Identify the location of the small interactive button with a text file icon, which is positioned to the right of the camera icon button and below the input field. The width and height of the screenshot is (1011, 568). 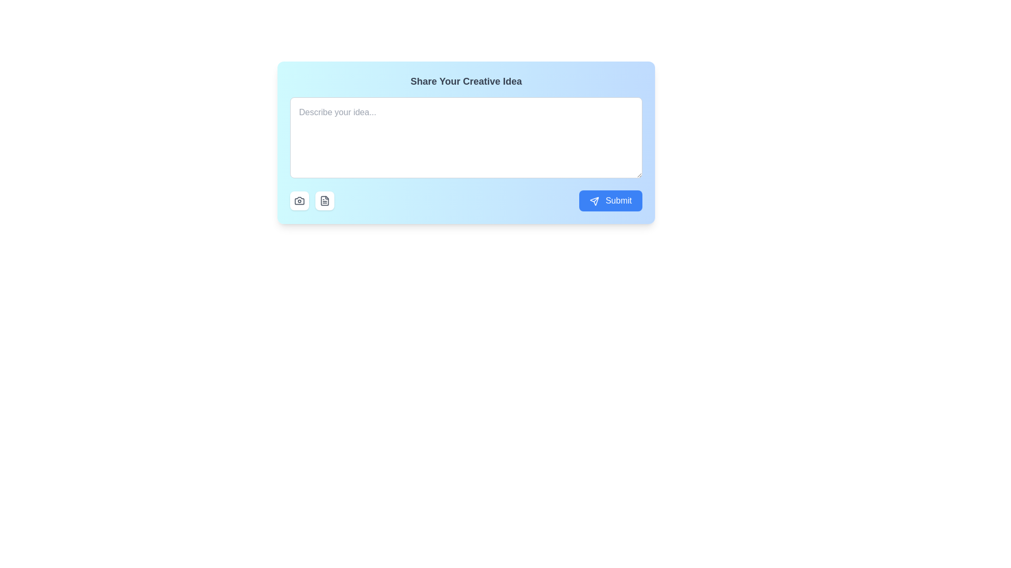
(324, 200).